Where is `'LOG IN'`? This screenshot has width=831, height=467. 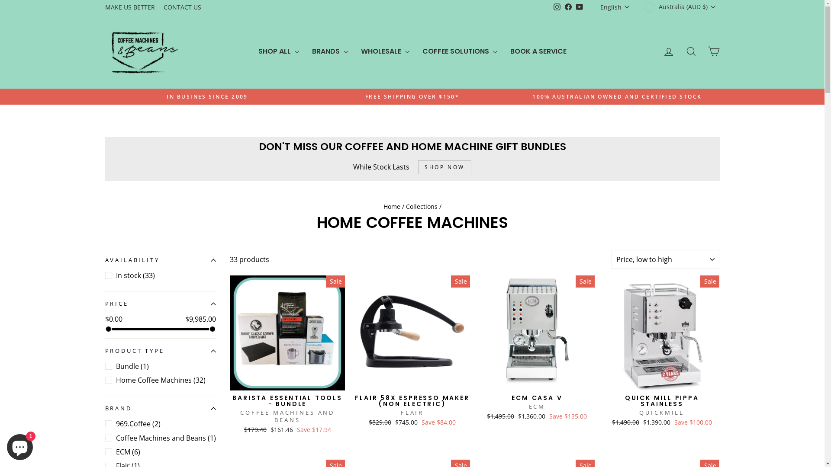 'LOG IN' is located at coordinates (668, 51).